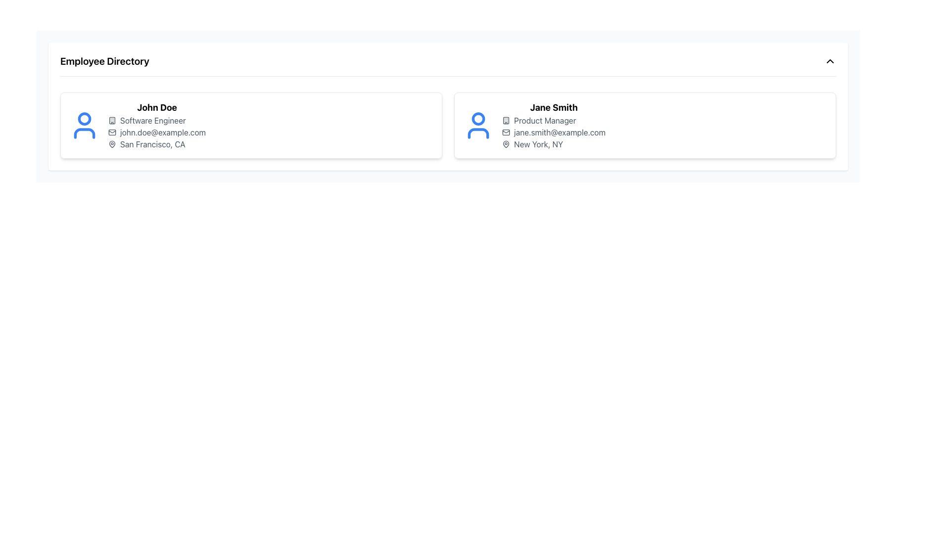  Describe the element at coordinates (85, 118) in the screenshot. I see `the blue circular graphic representing the head of the user icon for 'John Doe' in the Employee Directory section` at that location.